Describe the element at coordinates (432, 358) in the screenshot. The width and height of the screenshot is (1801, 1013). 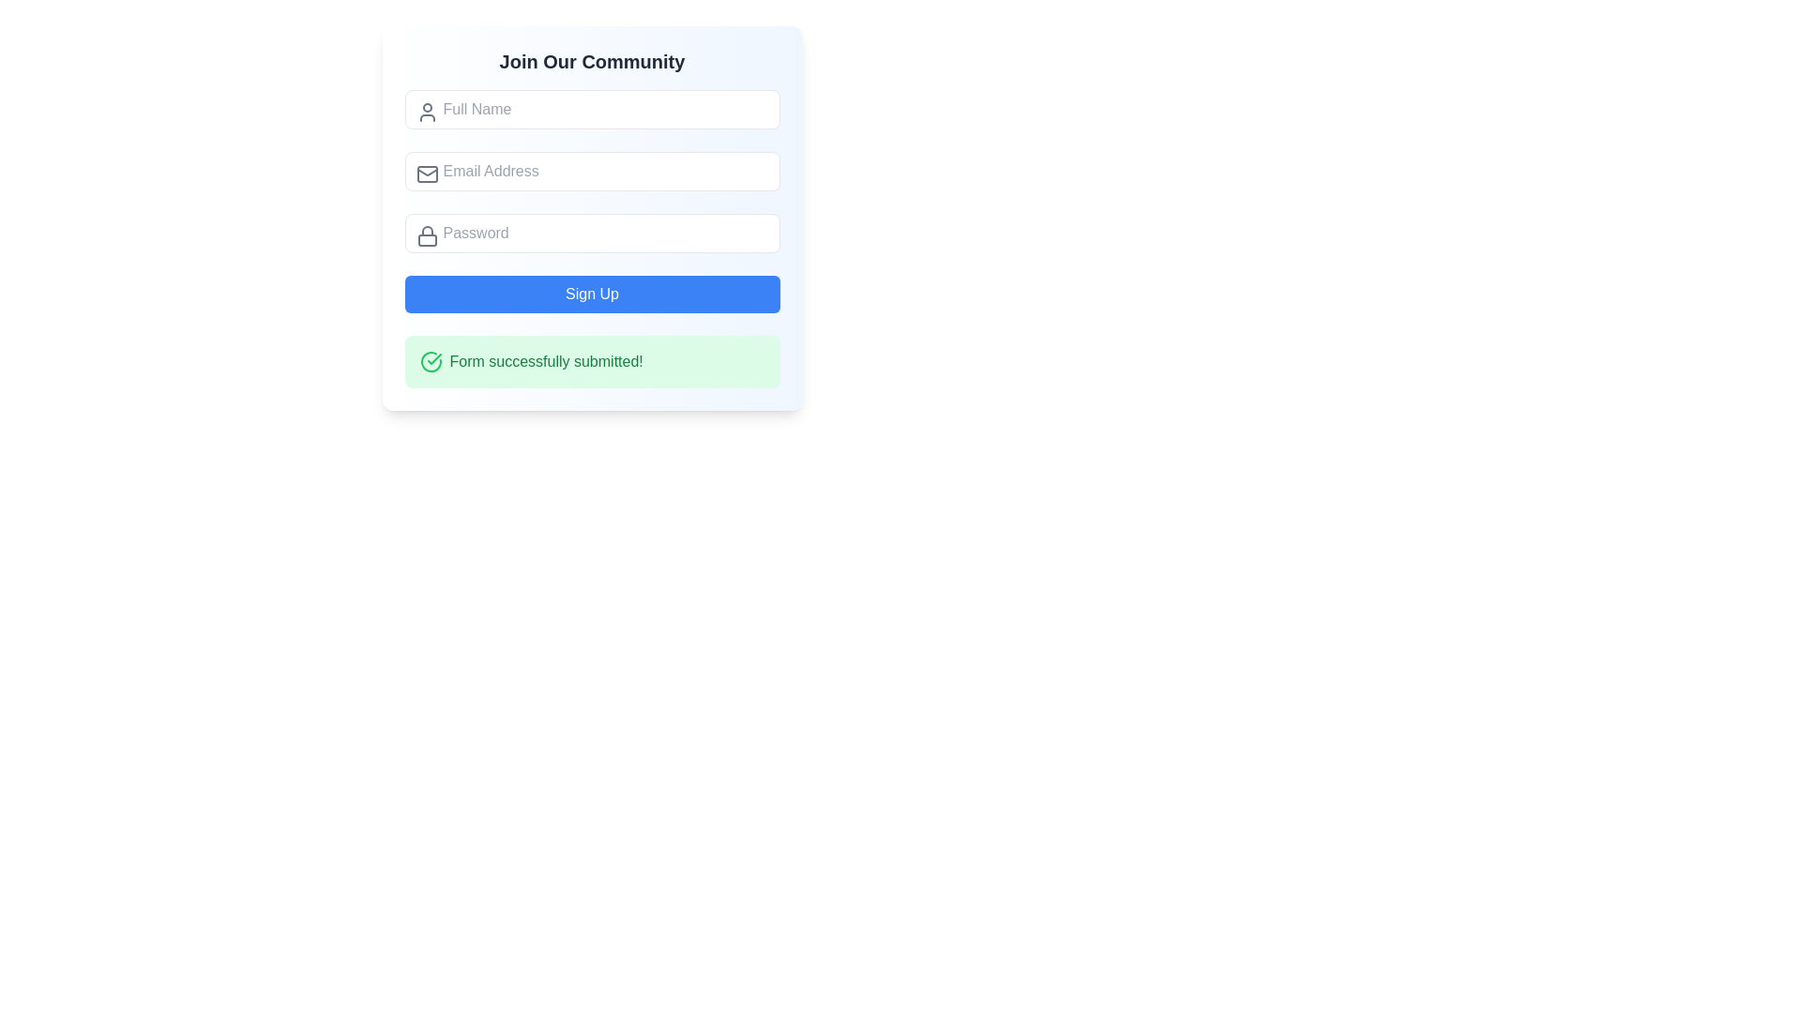
I see `the green checkmark icon within the confirmation message that indicates the form has been successfully submitted` at that location.